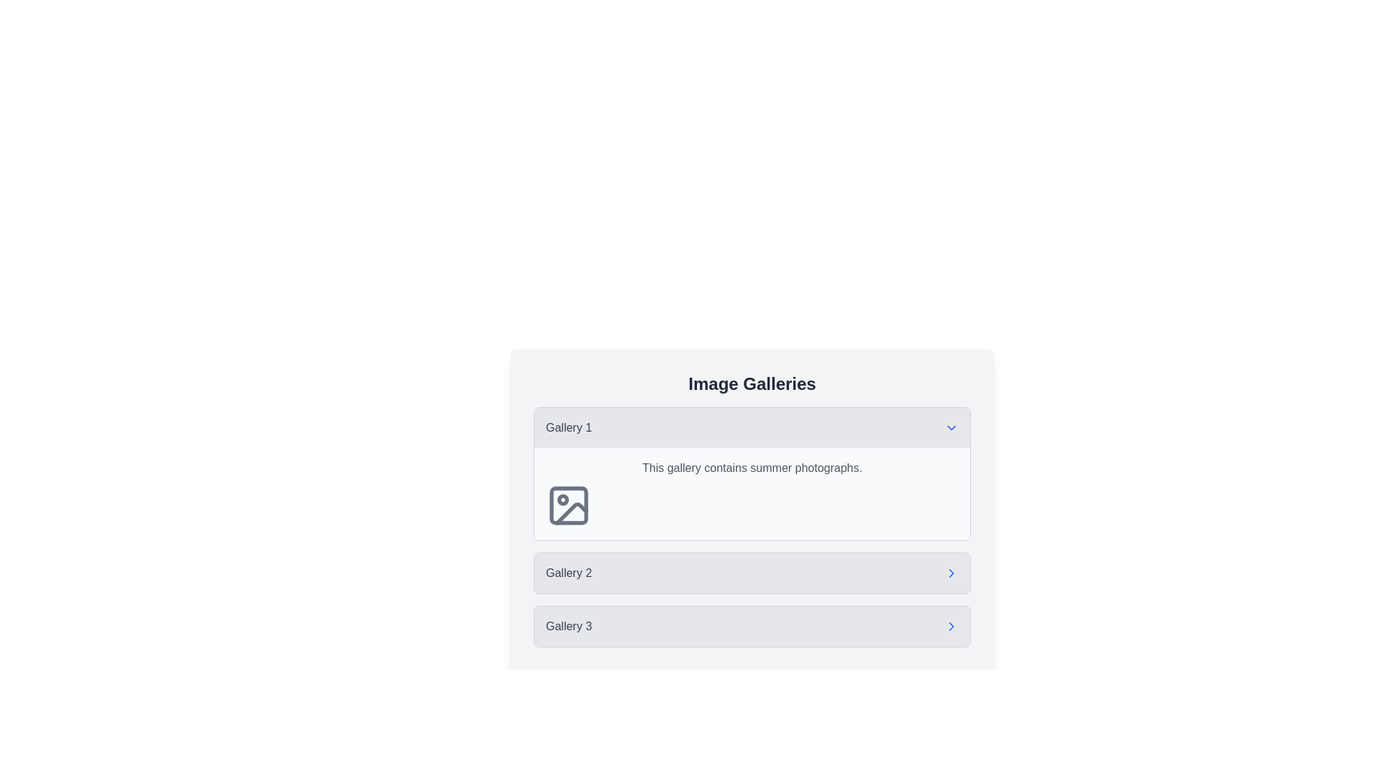 Image resolution: width=1381 pixels, height=777 pixels. Describe the element at coordinates (952, 573) in the screenshot. I see `the chevron icon at the far right end of the 'Gallery 2' row` at that location.